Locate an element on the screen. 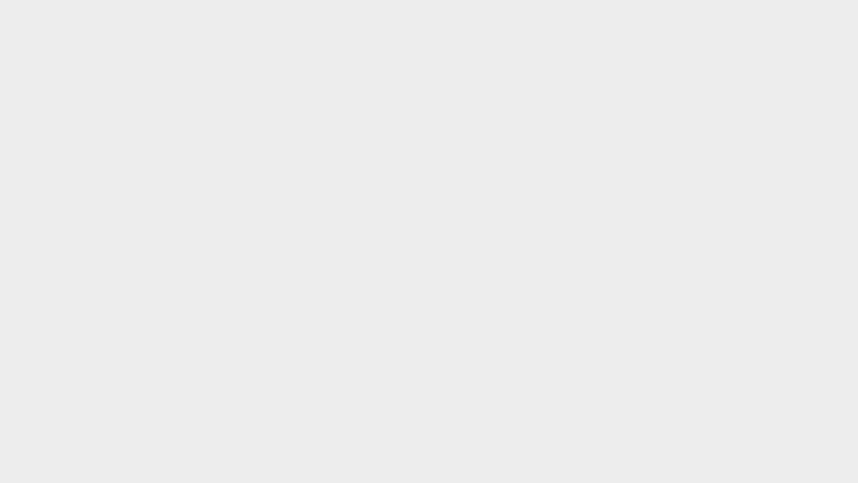  'Church Family' is located at coordinates (581, 55).